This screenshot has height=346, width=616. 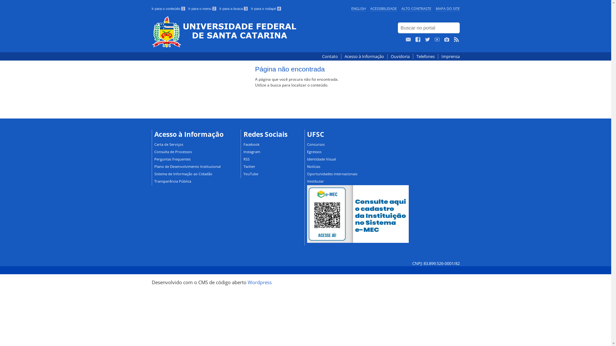 I want to click on 'Oportunidades internacionais', so click(x=306, y=174).